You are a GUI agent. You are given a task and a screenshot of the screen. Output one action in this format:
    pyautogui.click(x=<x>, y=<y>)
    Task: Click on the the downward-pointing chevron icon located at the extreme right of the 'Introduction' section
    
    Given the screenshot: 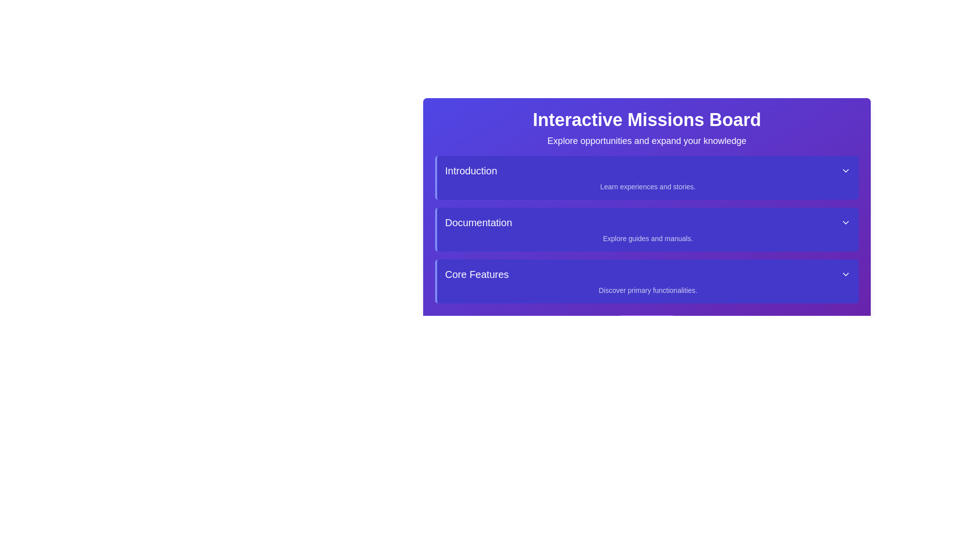 What is the action you would take?
    pyautogui.click(x=845, y=170)
    